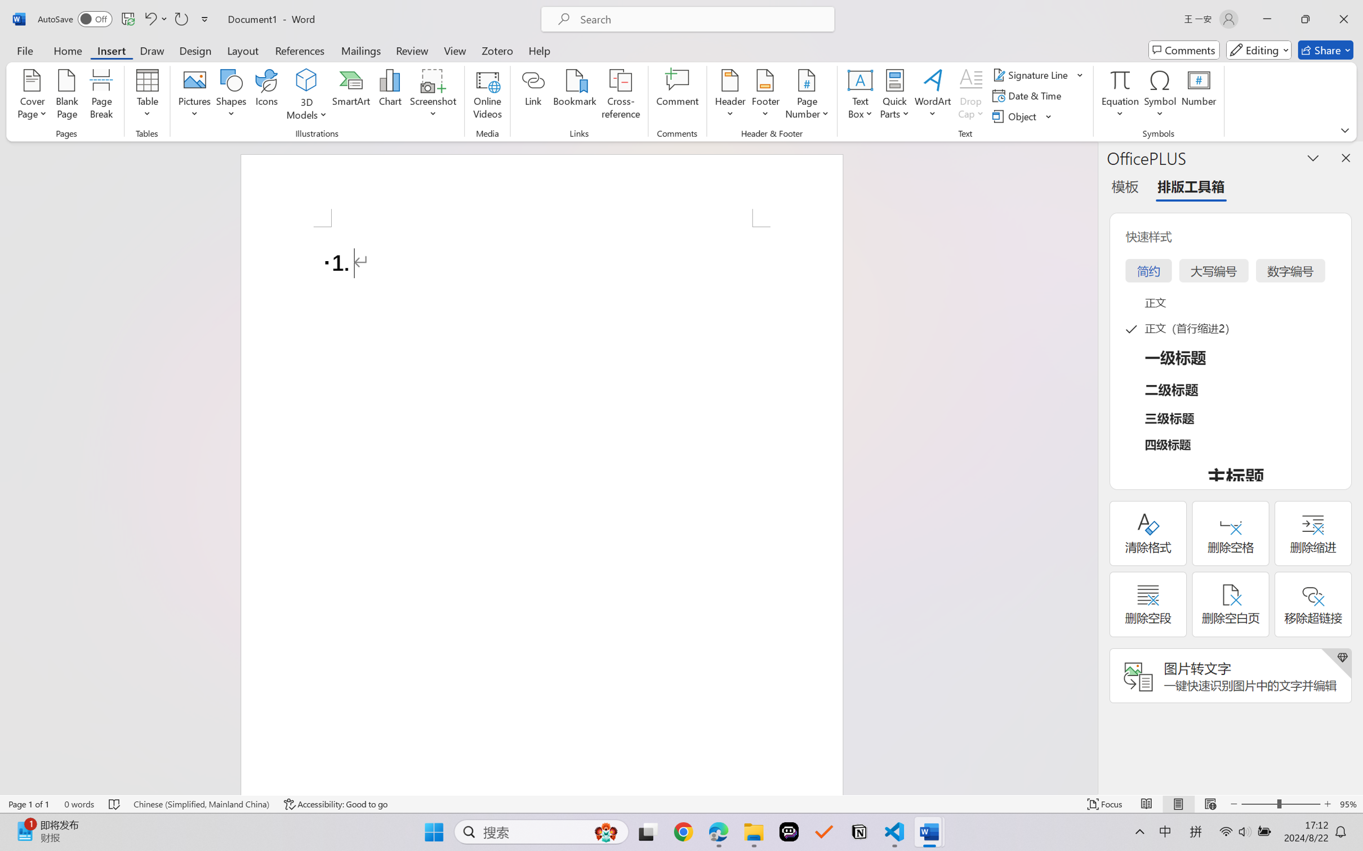  What do you see at coordinates (895, 96) in the screenshot?
I see `'Quick Parts'` at bounding box center [895, 96].